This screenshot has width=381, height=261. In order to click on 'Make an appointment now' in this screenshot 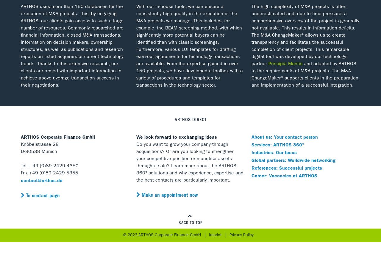, I will do `click(169, 196)`.